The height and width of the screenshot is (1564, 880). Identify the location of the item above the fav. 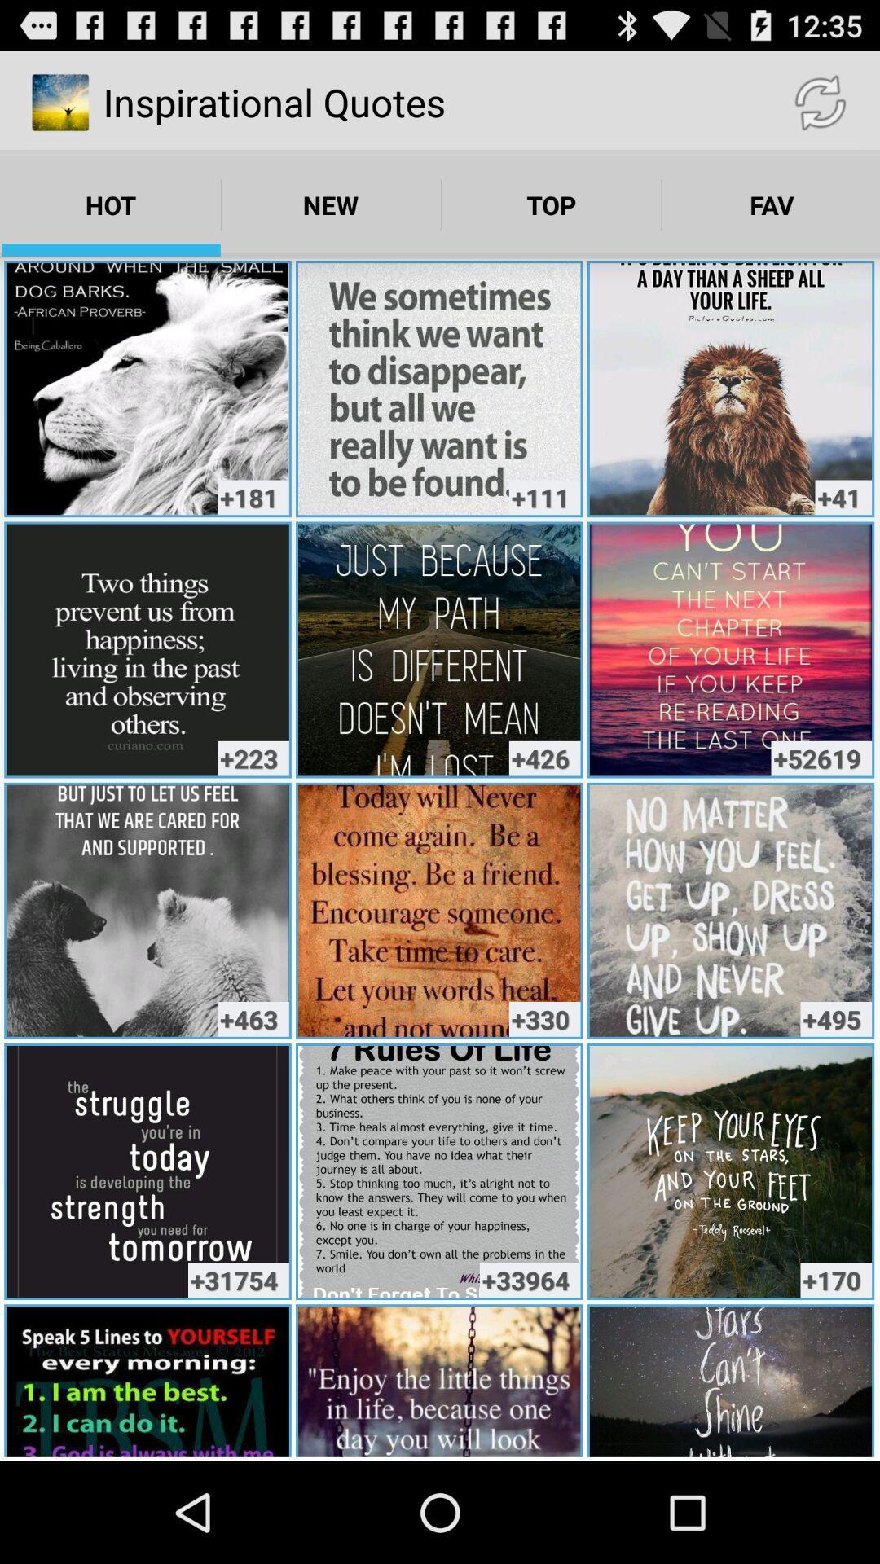
(820, 101).